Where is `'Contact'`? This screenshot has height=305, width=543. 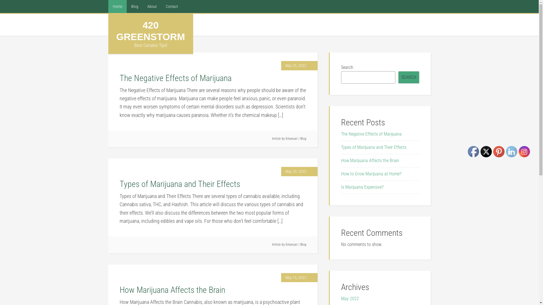 'Contact' is located at coordinates (161, 6).